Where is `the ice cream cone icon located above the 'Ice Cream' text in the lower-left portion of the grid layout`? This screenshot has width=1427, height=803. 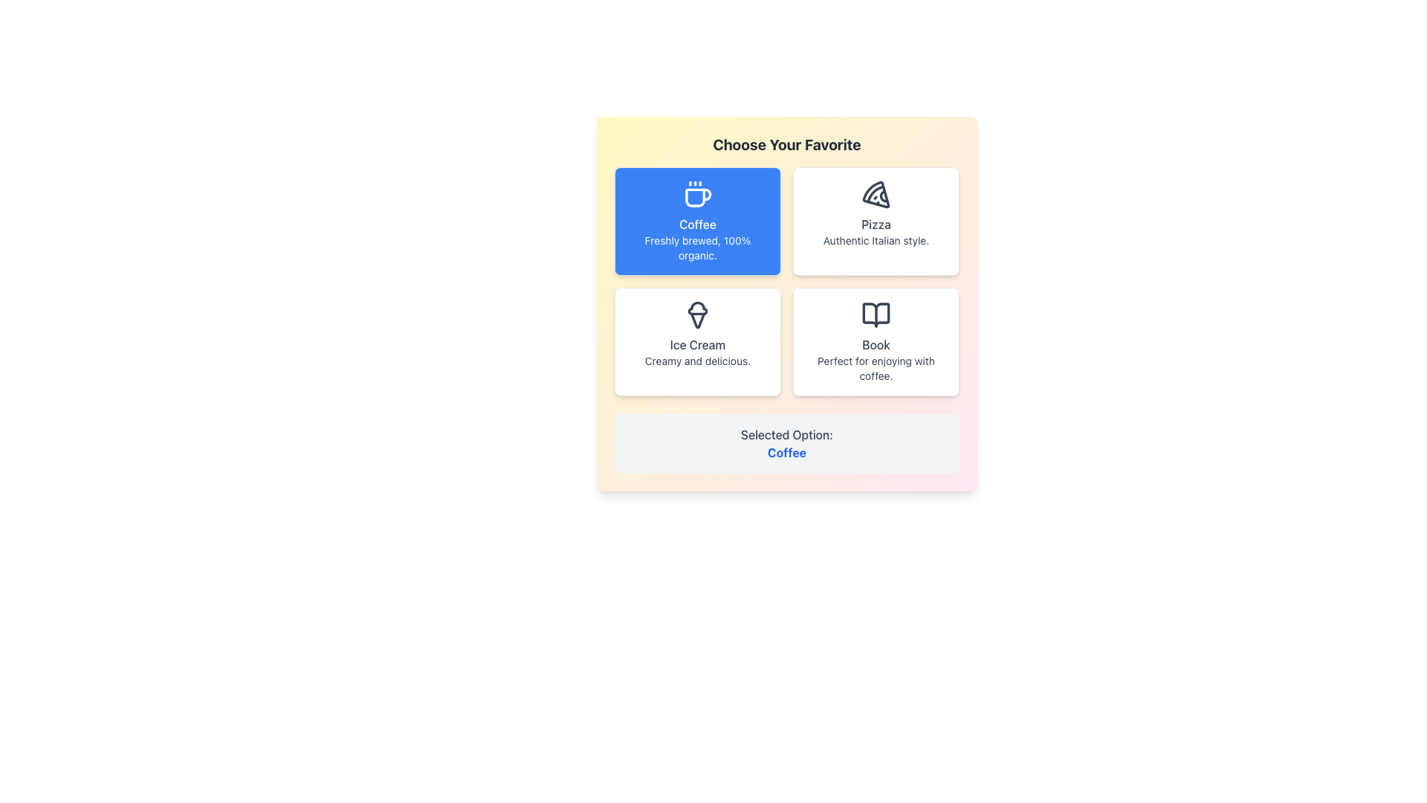
the ice cream cone icon located above the 'Ice Cream' text in the lower-left portion of the grid layout is located at coordinates (697, 315).